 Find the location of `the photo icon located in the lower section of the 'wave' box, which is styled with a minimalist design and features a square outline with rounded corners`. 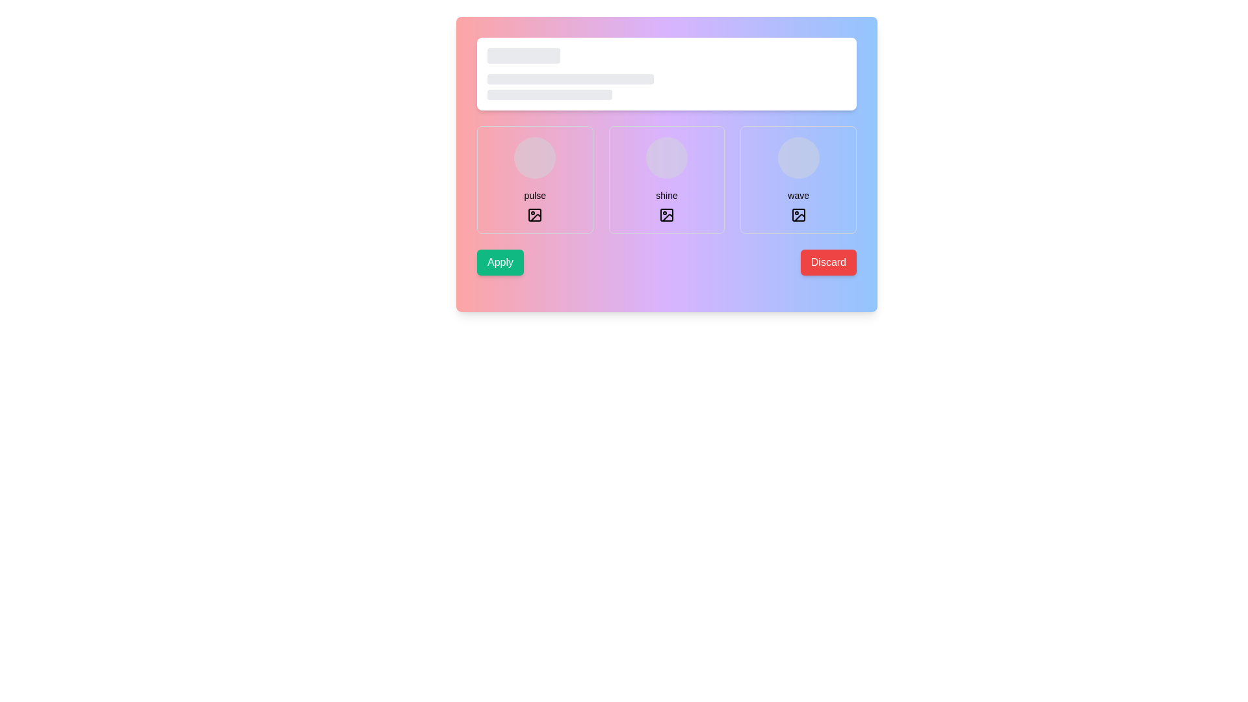

the photo icon located in the lower section of the 'wave' box, which is styled with a minimalist design and features a square outline with rounded corners is located at coordinates (798, 214).